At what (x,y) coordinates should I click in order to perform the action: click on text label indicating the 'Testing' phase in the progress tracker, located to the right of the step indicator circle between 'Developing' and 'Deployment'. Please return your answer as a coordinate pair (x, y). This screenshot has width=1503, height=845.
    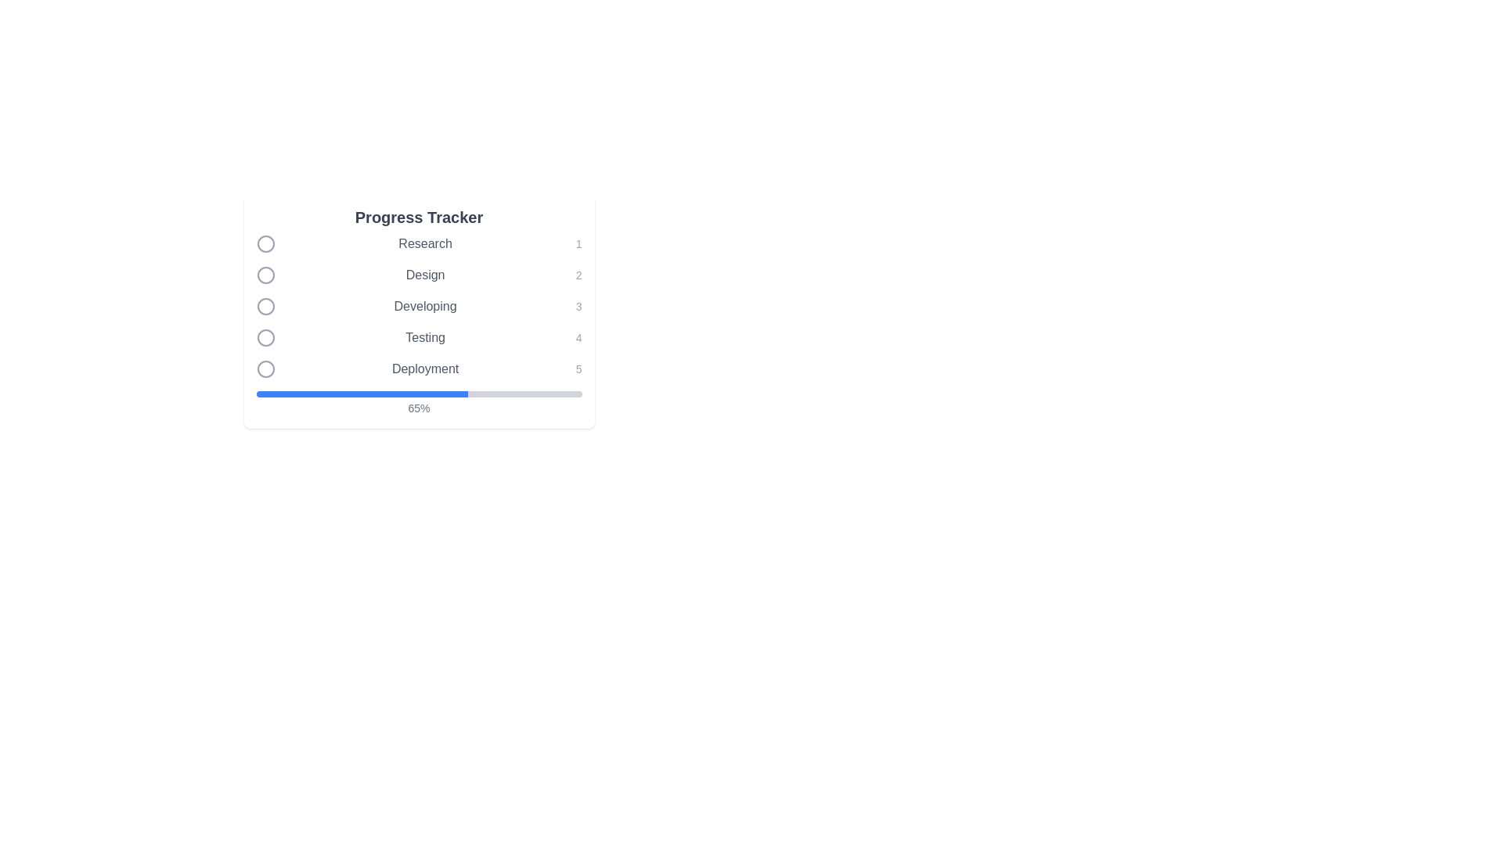
    Looking at the image, I should click on (425, 337).